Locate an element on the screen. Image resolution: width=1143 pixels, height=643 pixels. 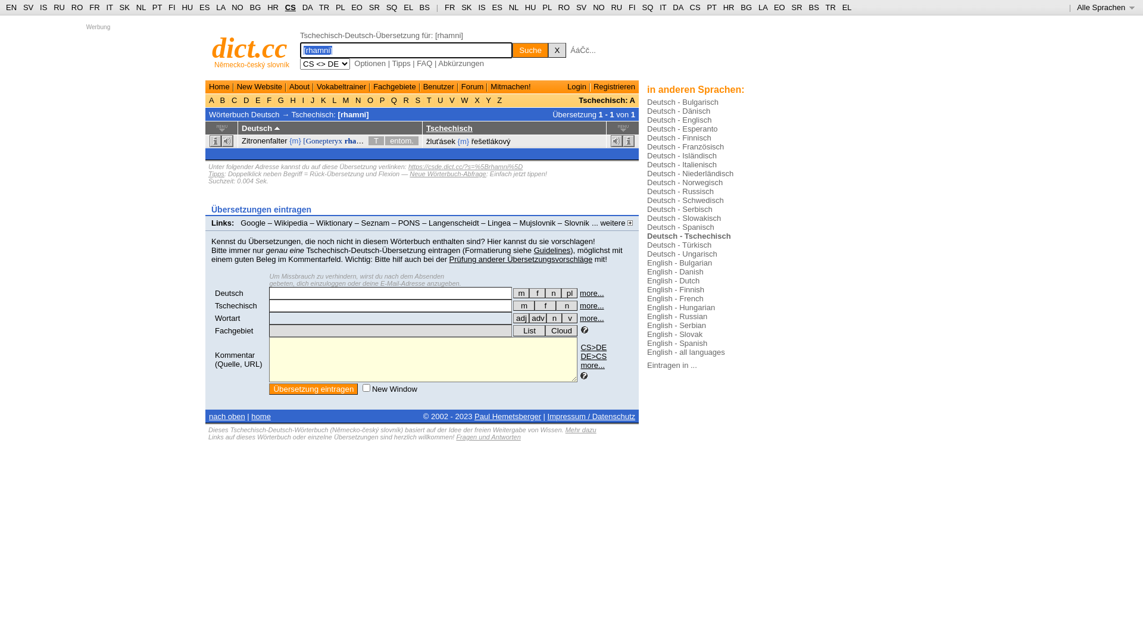
'Forum' is located at coordinates (471, 86).